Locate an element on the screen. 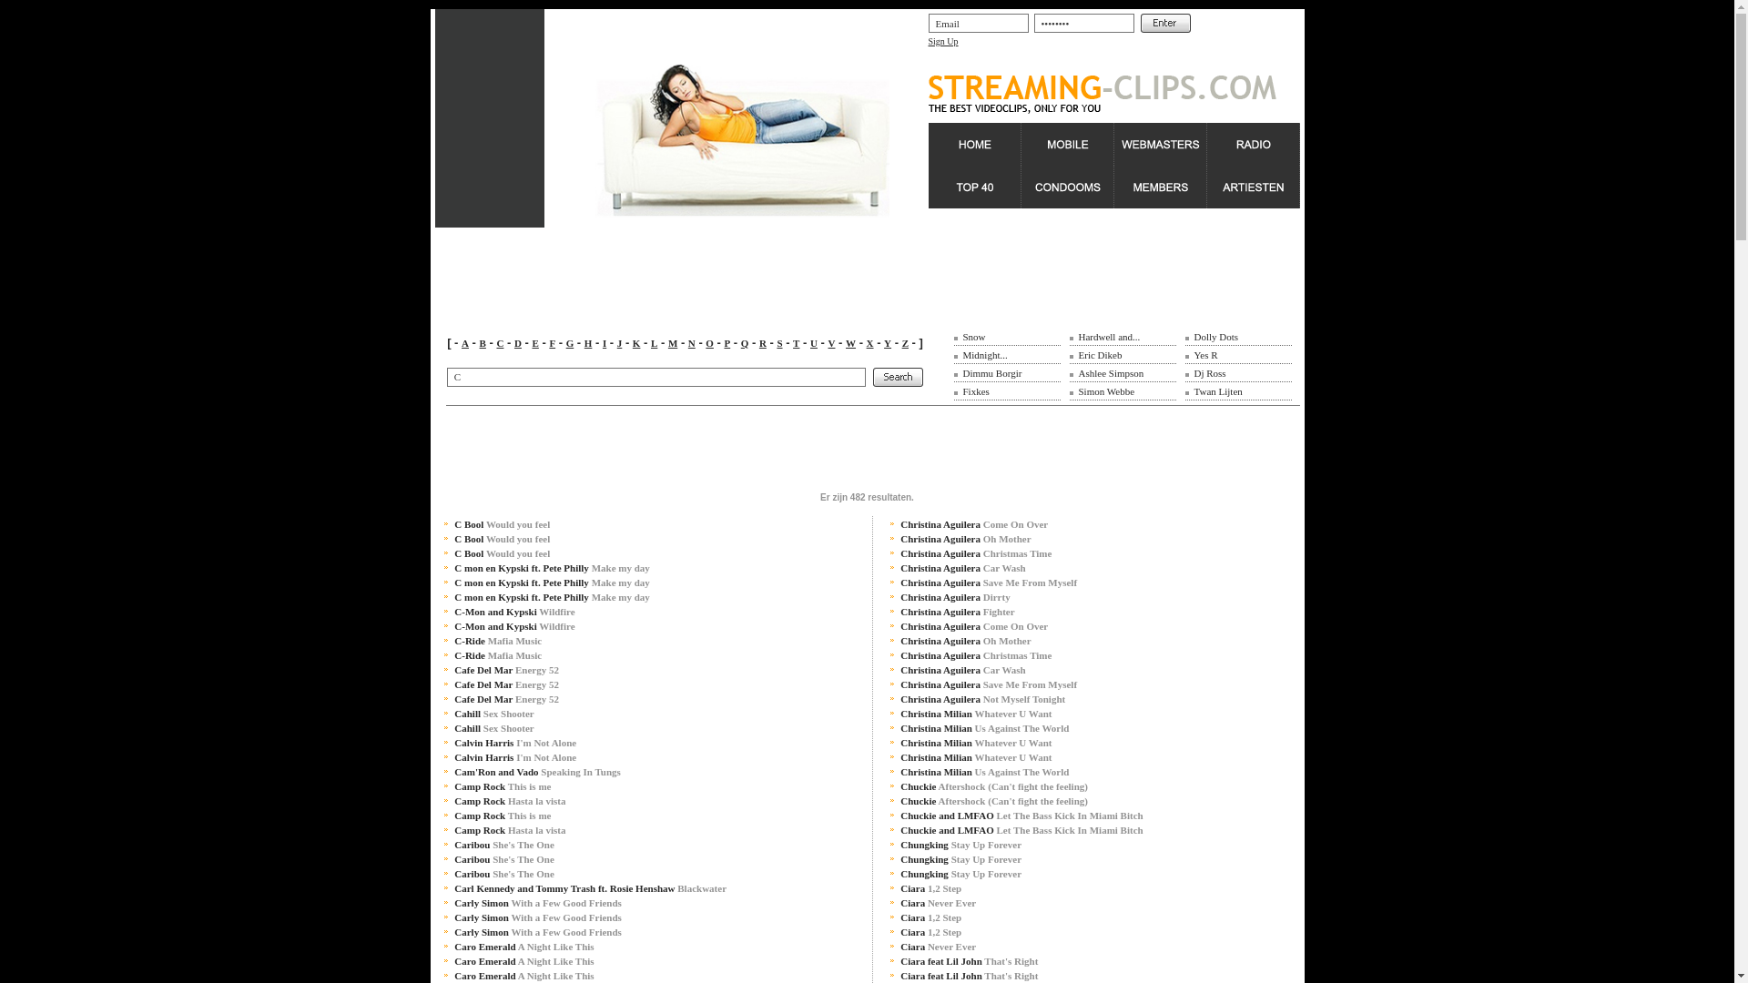  'S' is located at coordinates (778, 343).